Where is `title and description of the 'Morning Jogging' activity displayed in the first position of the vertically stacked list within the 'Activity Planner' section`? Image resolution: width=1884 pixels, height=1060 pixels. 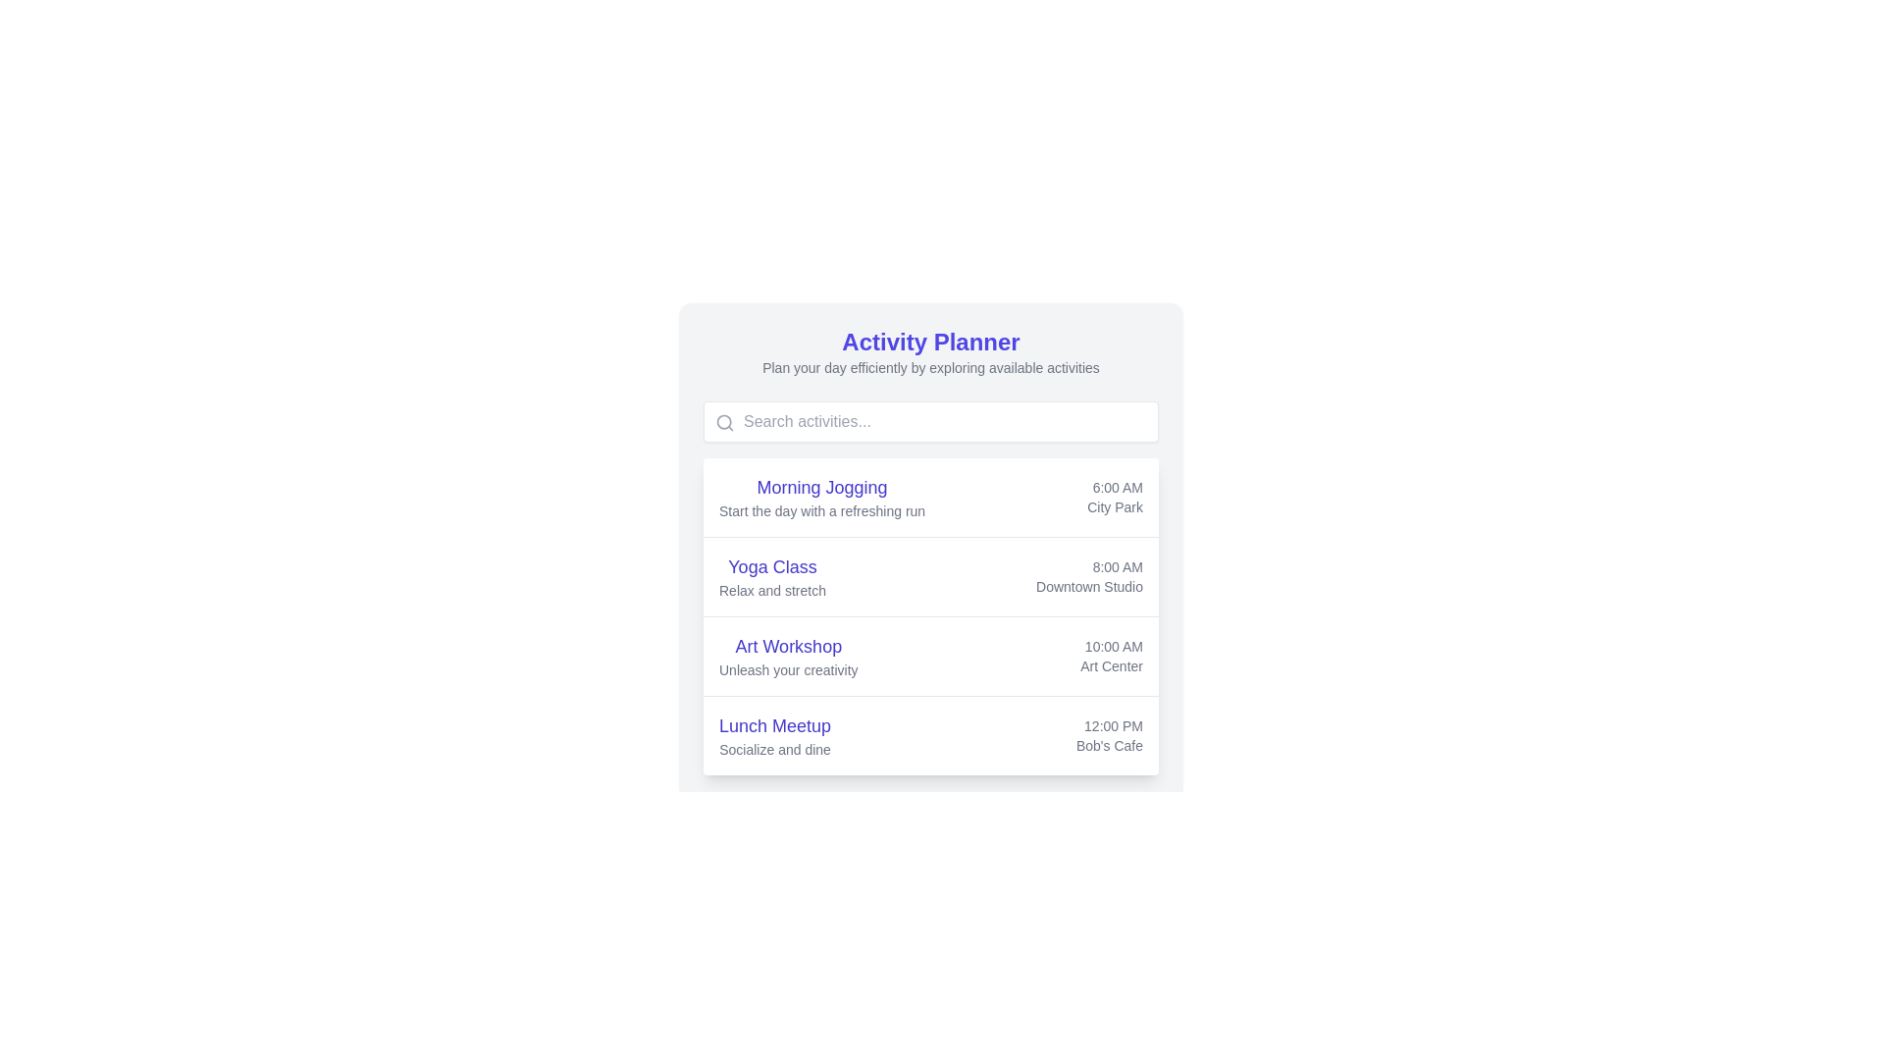 title and description of the 'Morning Jogging' activity displayed in the first position of the vertically stacked list within the 'Activity Planner' section is located at coordinates (822, 496).